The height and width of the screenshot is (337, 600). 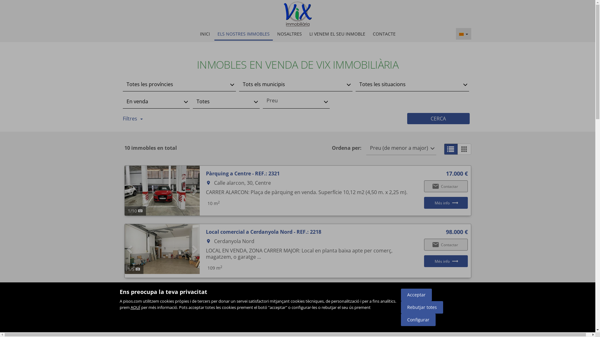 What do you see at coordinates (337, 34) in the screenshot?
I see `'LI VENEM EL SEU INMOBLE'` at bounding box center [337, 34].